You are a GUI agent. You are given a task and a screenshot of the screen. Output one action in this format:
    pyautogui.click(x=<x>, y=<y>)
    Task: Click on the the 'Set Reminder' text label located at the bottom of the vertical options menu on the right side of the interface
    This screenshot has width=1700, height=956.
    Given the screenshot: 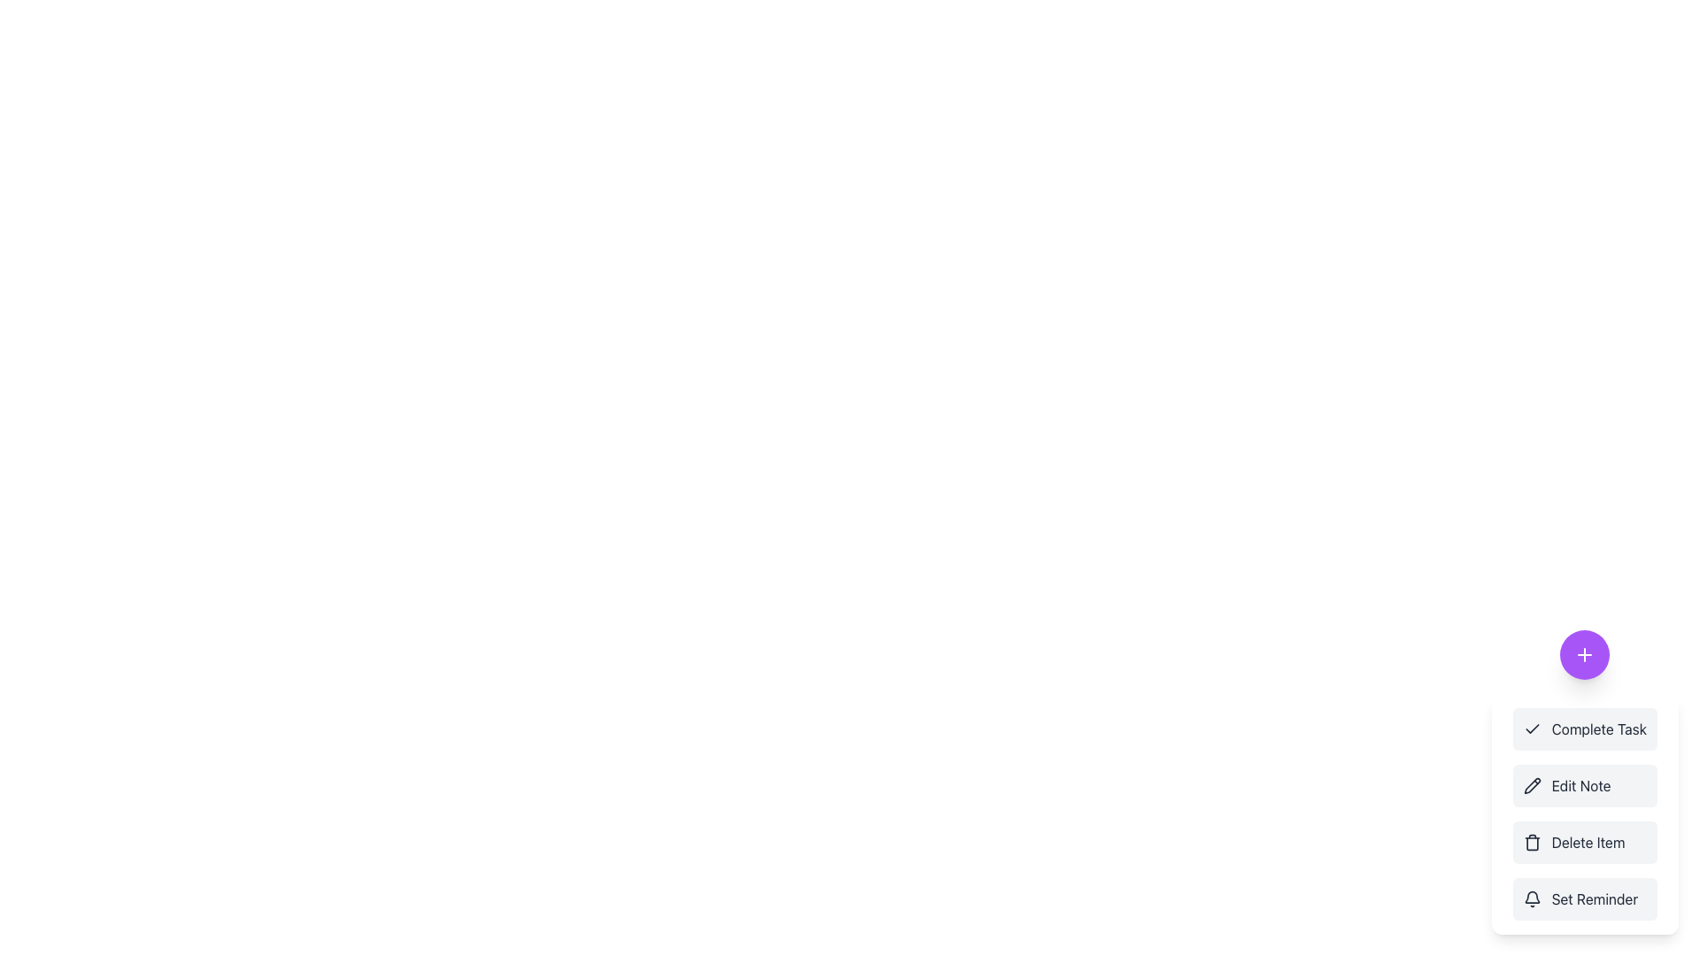 What is the action you would take?
    pyautogui.click(x=1595, y=898)
    